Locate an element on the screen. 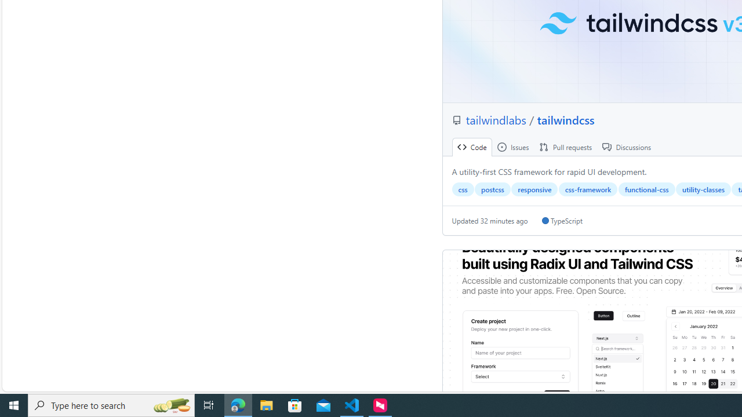  'TypeScript' is located at coordinates (562, 221).